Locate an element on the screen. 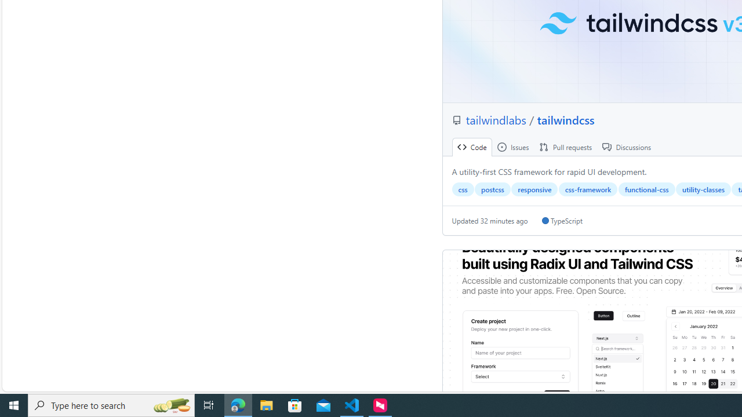  'TypeScript' is located at coordinates (562, 221).